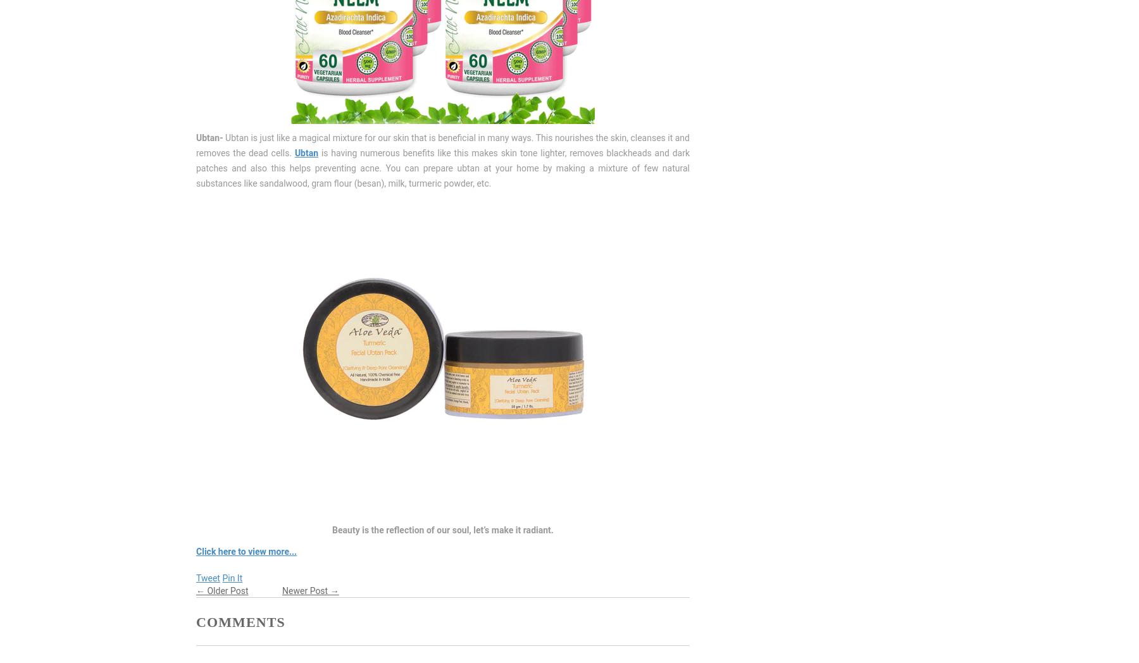  Describe the element at coordinates (246, 552) in the screenshot. I see `'Click here to view more...'` at that location.